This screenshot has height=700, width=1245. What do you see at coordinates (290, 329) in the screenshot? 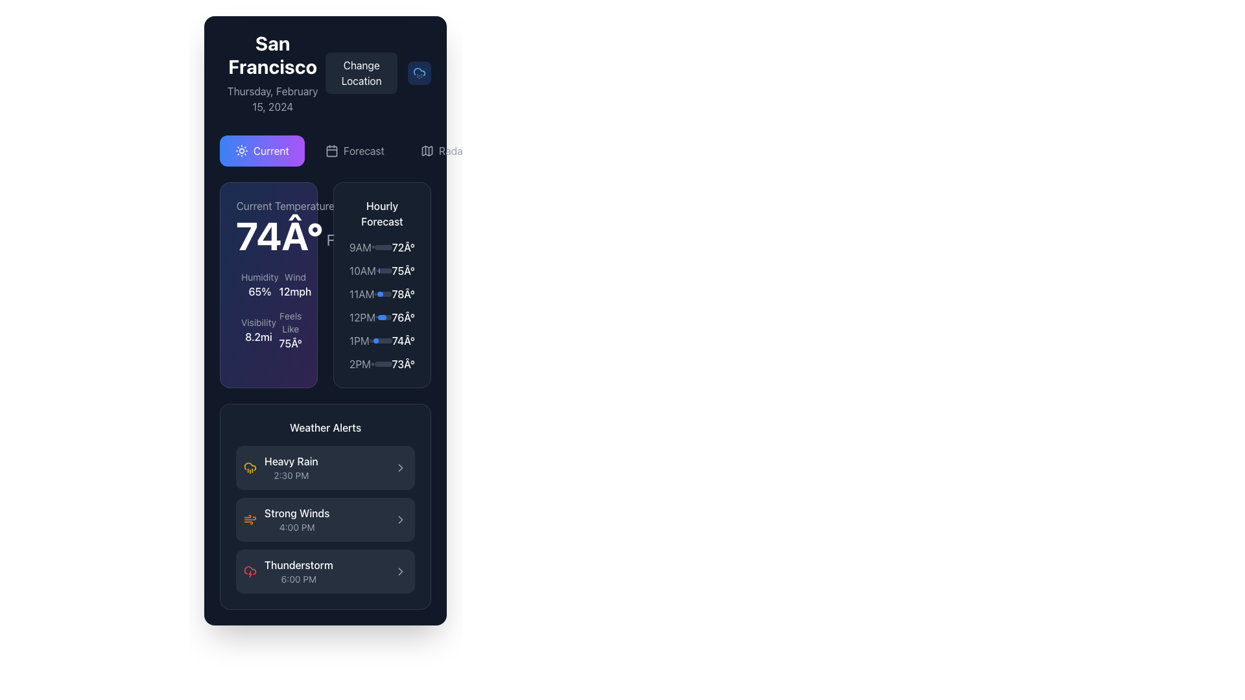
I see `the 'Feels Like' Text display showing '75°' which is positioned below the main temperature value '74°' in the information card` at bounding box center [290, 329].